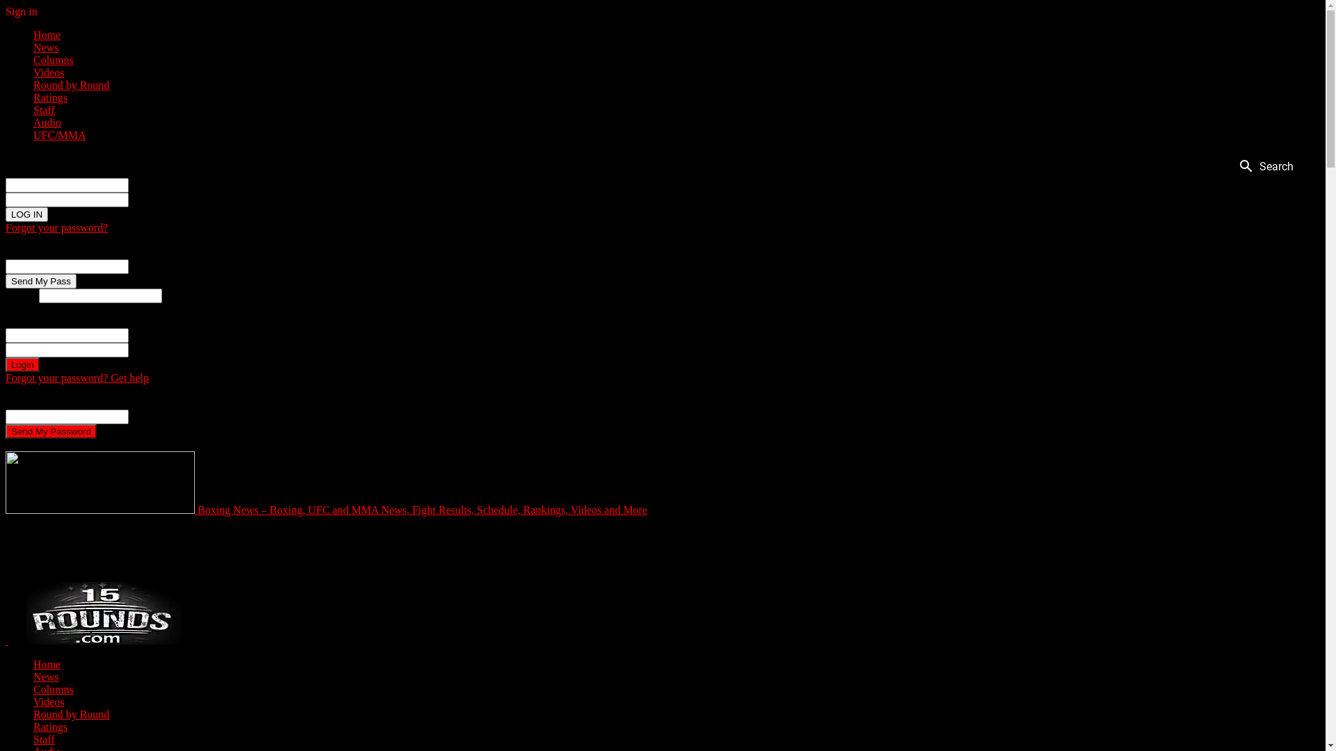 The width and height of the screenshot is (1336, 751). I want to click on 'UFC/MMA', so click(59, 135).